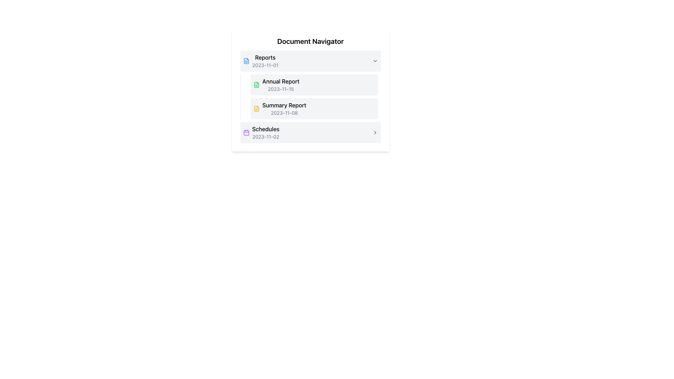  I want to click on the Text Label that serves as a link to a summary report, positioned between 'Annual Report' and 'Schedules' in the 'Reports' section, so click(284, 105).